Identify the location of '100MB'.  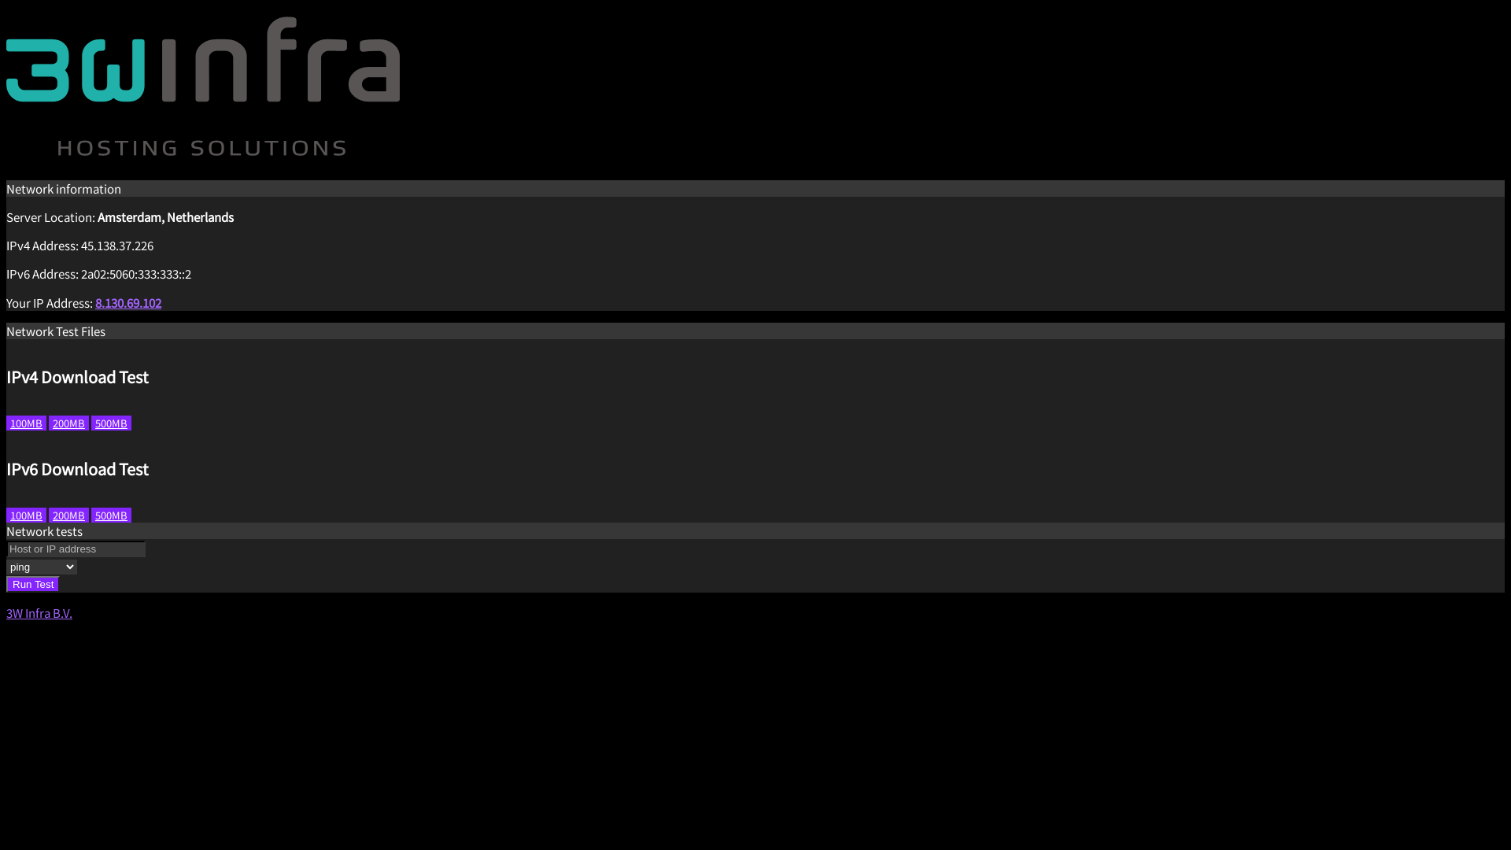
(26, 422).